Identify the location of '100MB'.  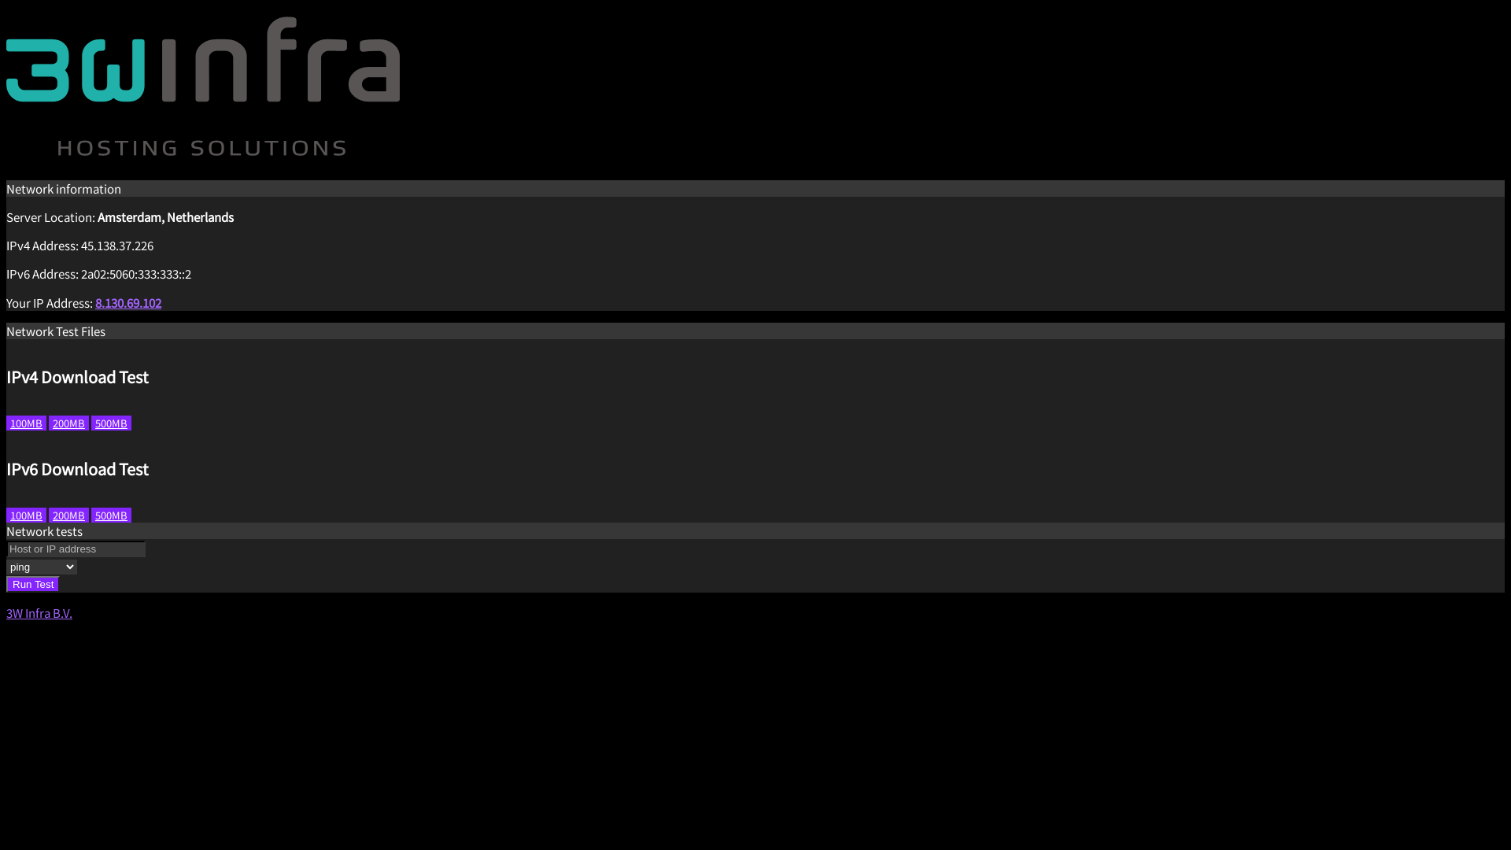
(26, 422).